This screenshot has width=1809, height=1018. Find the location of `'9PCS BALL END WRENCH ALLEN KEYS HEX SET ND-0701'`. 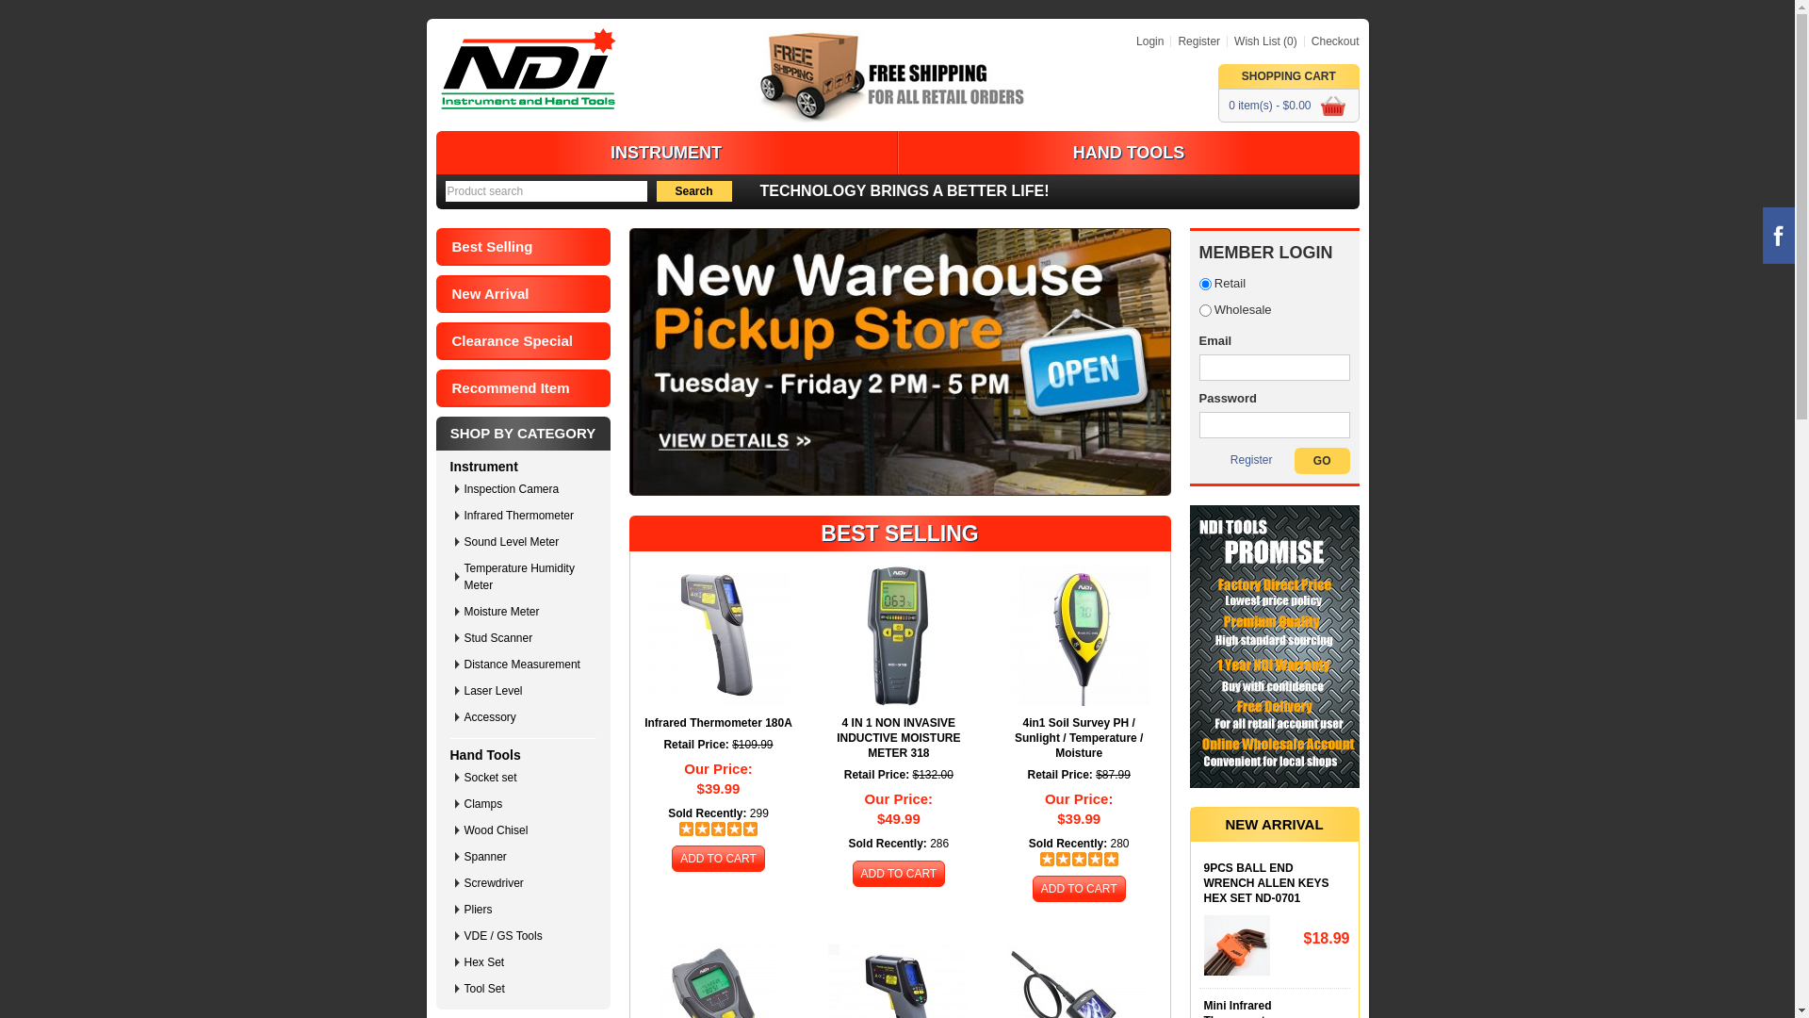

'9PCS BALL END WRENCH ALLEN KEYS HEX SET ND-0701' is located at coordinates (1202, 883).